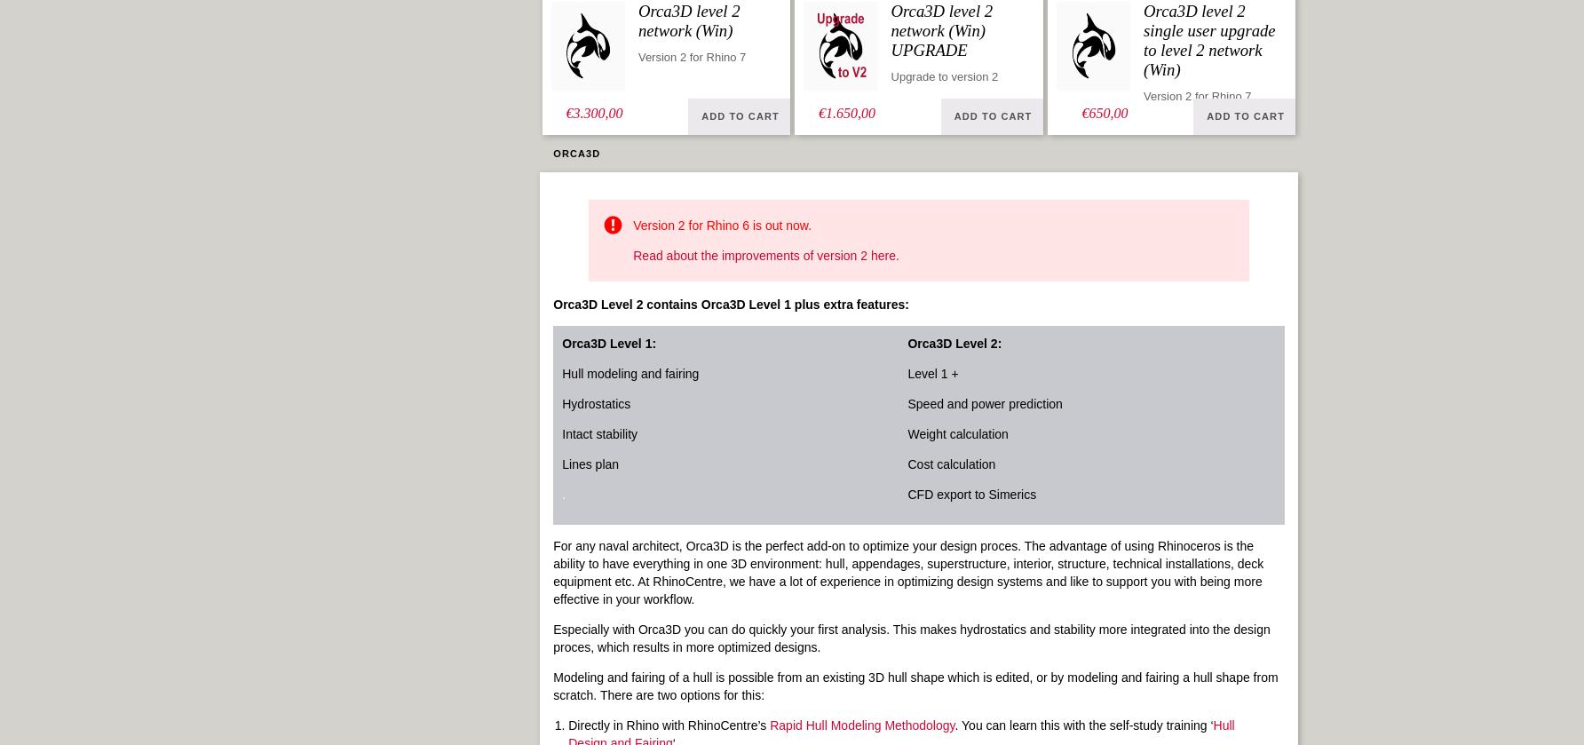 The width and height of the screenshot is (1584, 745). What do you see at coordinates (599, 432) in the screenshot?
I see `'Intact stability'` at bounding box center [599, 432].